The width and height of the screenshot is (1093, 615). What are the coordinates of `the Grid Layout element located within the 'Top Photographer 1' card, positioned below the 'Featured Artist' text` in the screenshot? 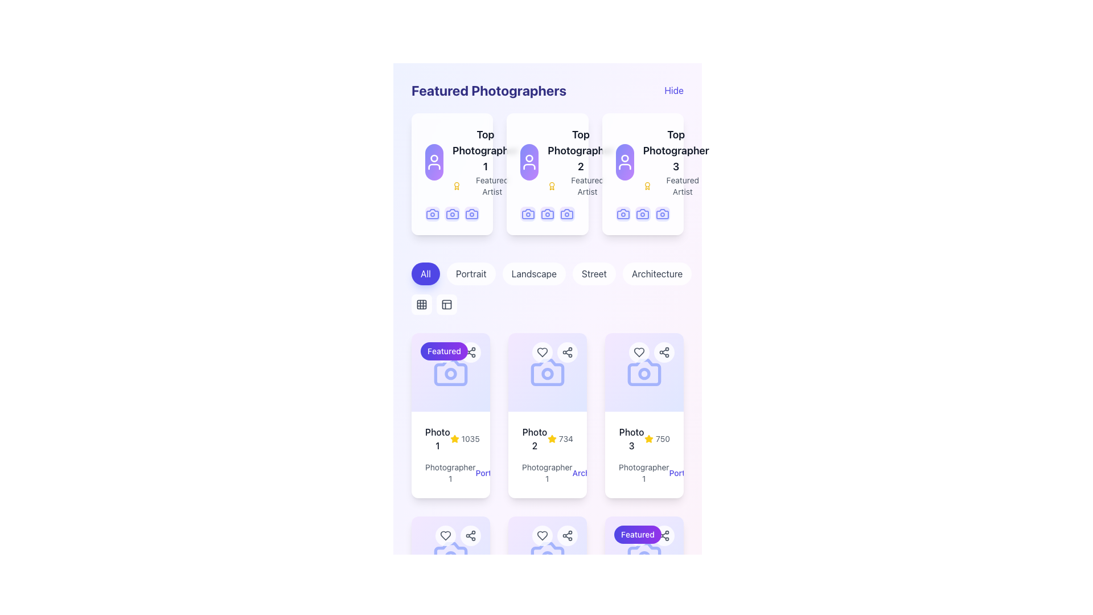 It's located at (451, 214).